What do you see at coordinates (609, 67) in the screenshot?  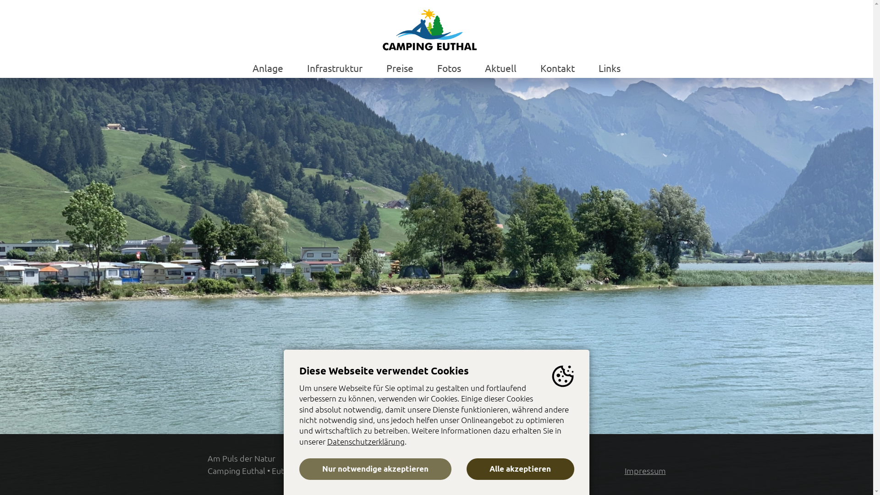 I see `'Links'` at bounding box center [609, 67].